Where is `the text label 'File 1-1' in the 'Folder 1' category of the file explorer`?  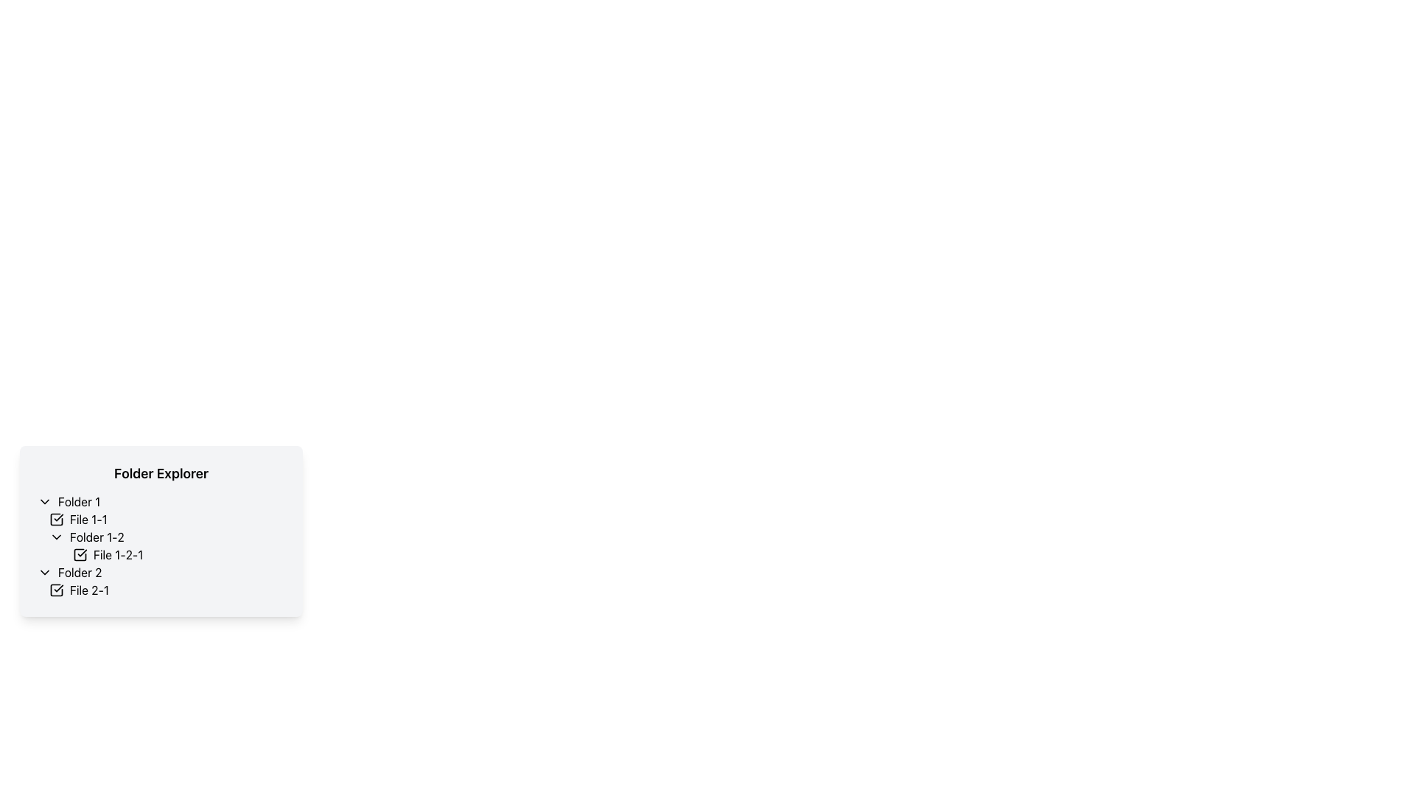
the text label 'File 1-1' in the 'Folder 1' category of the file explorer is located at coordinates (88, 519).